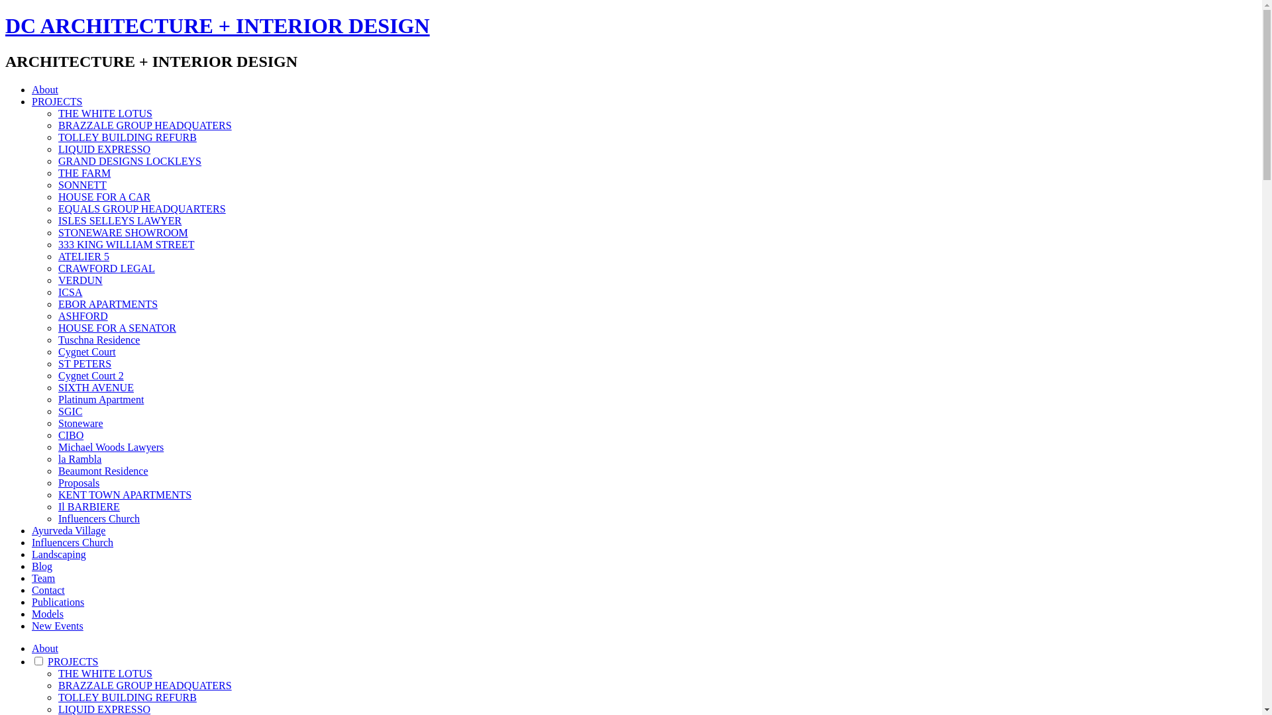 The image size is (1272, 715). I want to click on 'Models', so click(32, 614).